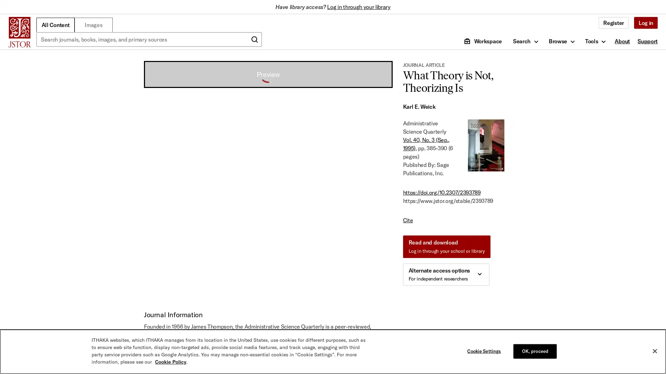 This screenshot has width=666, height=374. What do you see at coordinates (254, 39) in the screenshot?
I see `Submit search` at bounding box center [254, 39].